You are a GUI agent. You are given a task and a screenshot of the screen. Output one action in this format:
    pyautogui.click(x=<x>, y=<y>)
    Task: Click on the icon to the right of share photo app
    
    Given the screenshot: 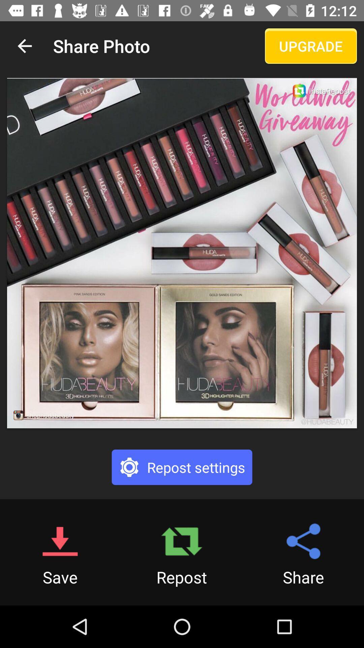 What is the action you would take?
    pyautogui.click(x=311, y=46)
    